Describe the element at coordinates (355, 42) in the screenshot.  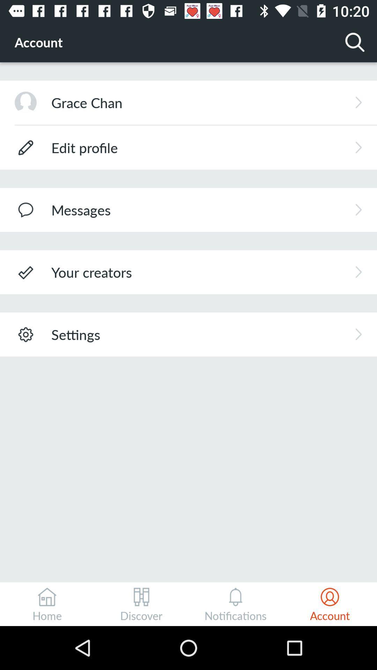
I see `icon next to account icon` at that location.